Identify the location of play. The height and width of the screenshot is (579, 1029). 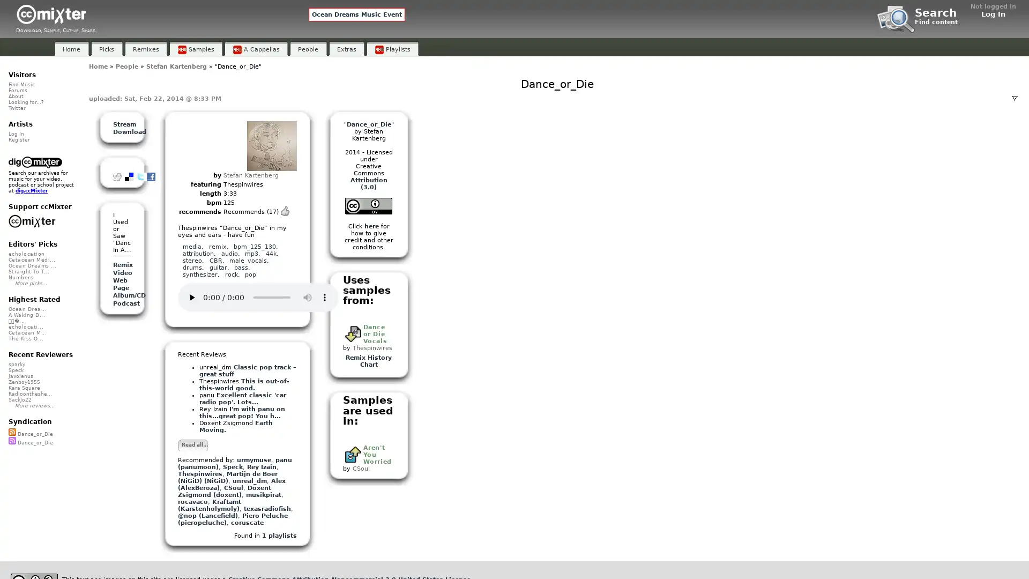
(192, 297).